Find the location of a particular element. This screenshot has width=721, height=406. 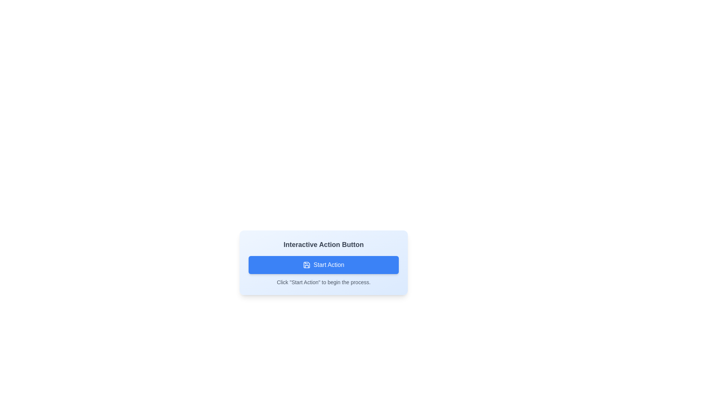

the save disk icon is located at coordinates (307, 265).